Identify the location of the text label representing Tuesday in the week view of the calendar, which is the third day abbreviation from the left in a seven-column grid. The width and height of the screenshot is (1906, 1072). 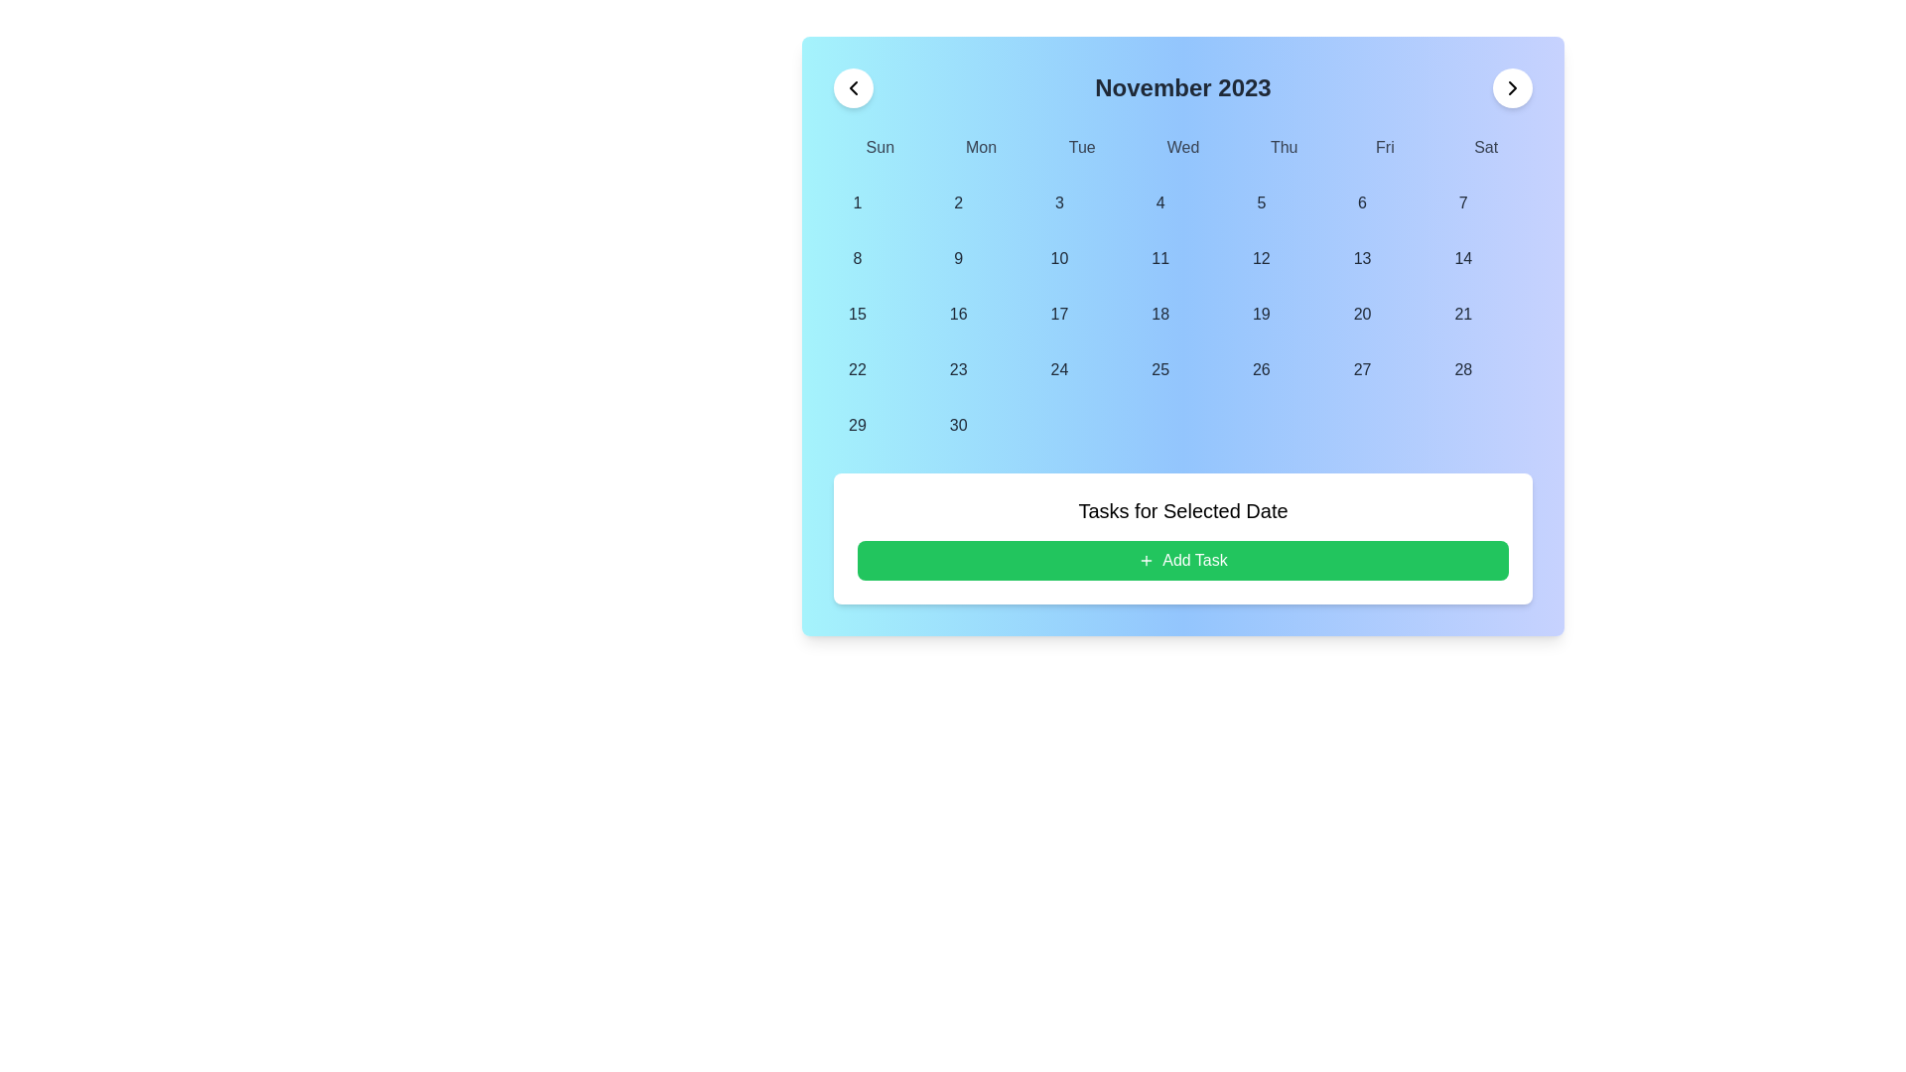
(1081, 147).